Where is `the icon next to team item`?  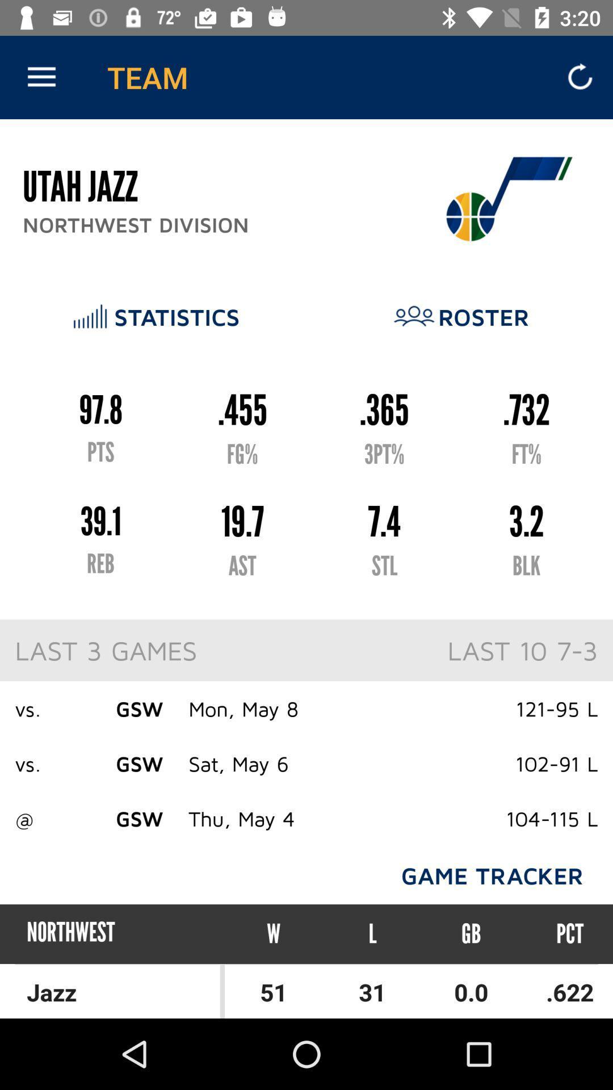 the icon next to team item is located at coordinates (41, 77).